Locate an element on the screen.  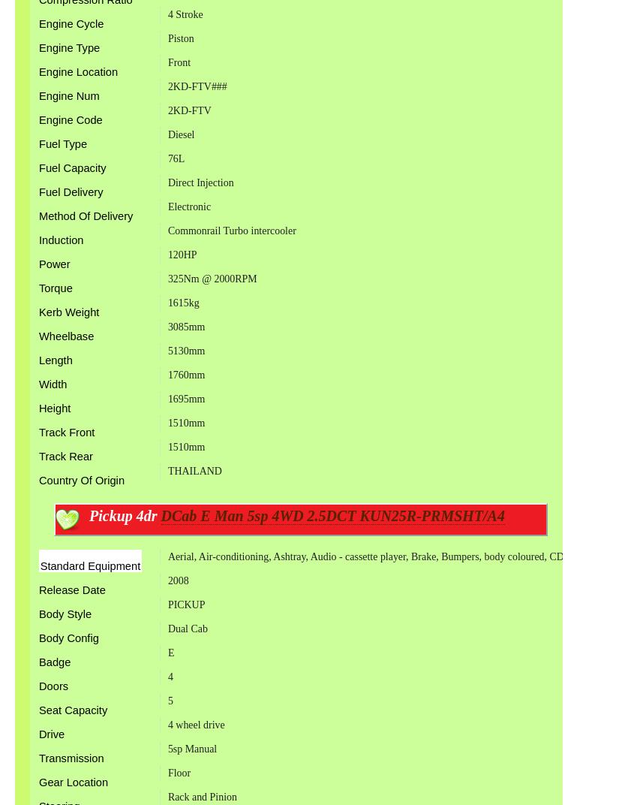
'Kerb 
						   Weight' is located at coordinates (69, 310).